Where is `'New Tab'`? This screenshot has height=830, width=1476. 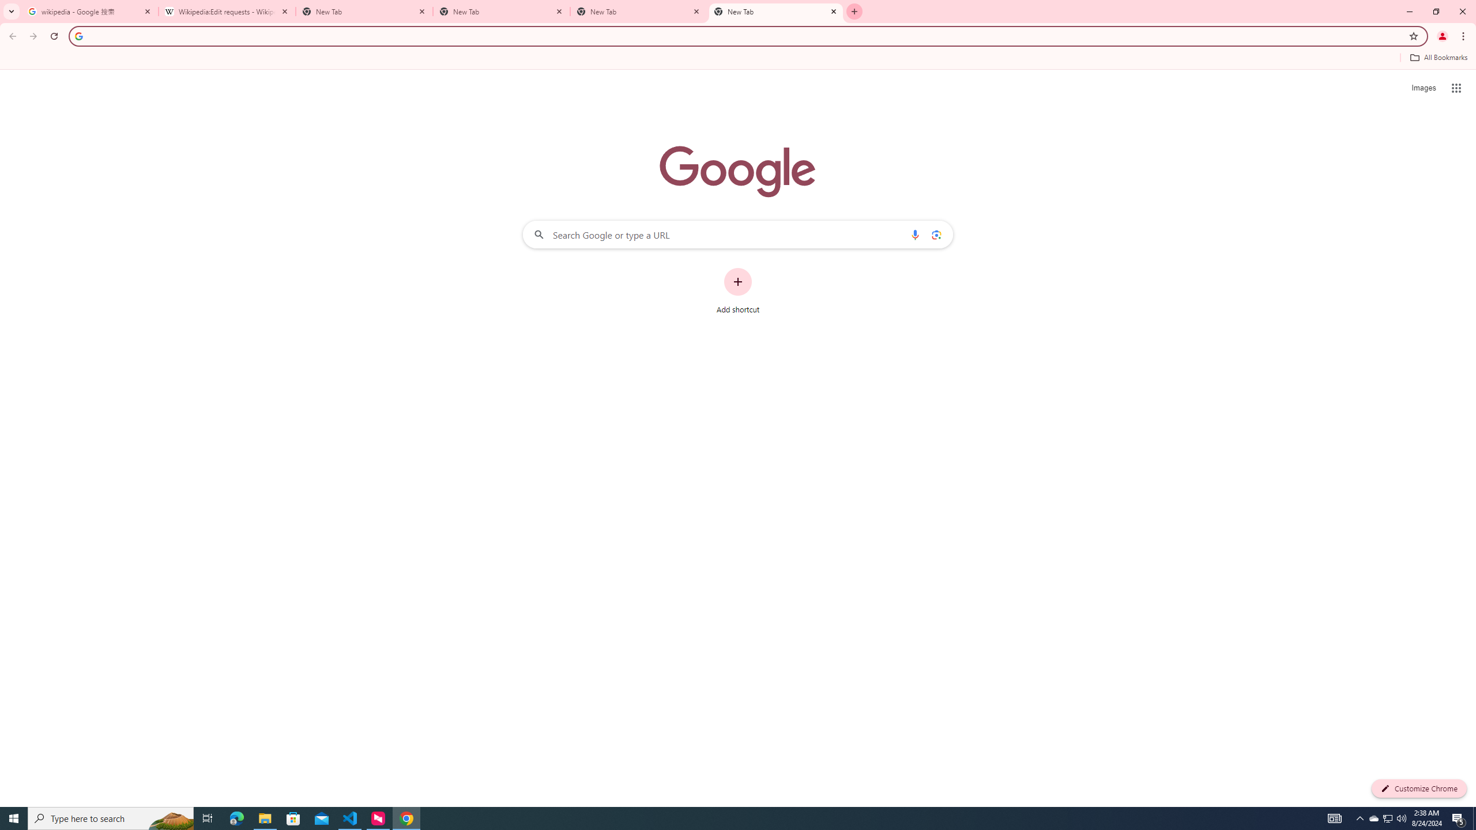 'New Tab' is located at coordinates (775, 11).